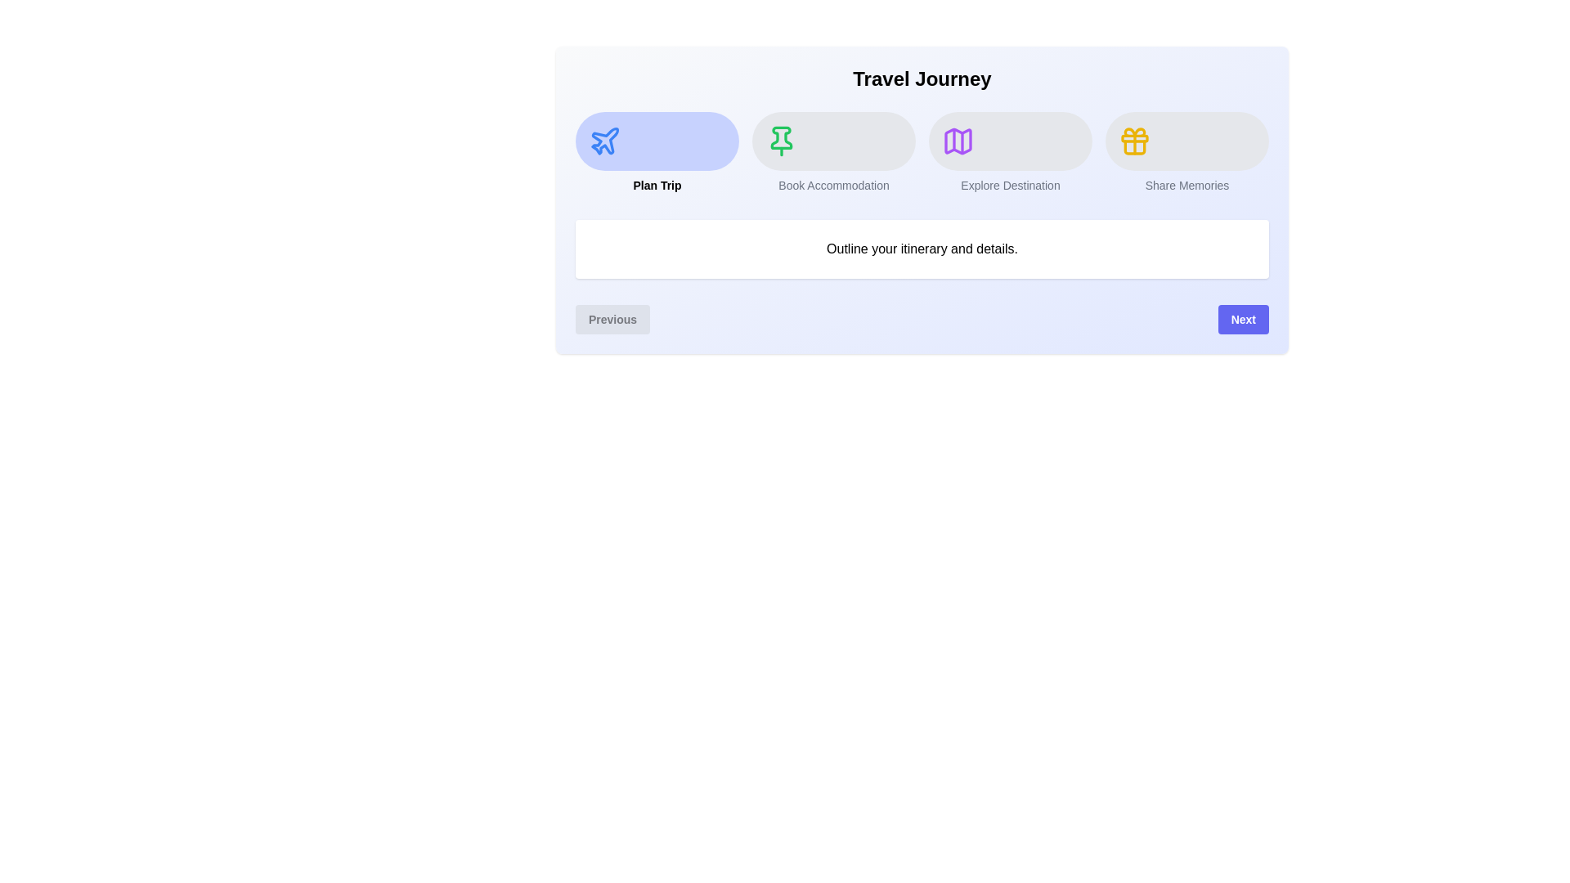 The image size is (1570, 883). What do you see at coordinates (1243, 319) in the screenshot?
I see `the 'Next' button to navigate to the next step` at bounding box center [1243, 319].